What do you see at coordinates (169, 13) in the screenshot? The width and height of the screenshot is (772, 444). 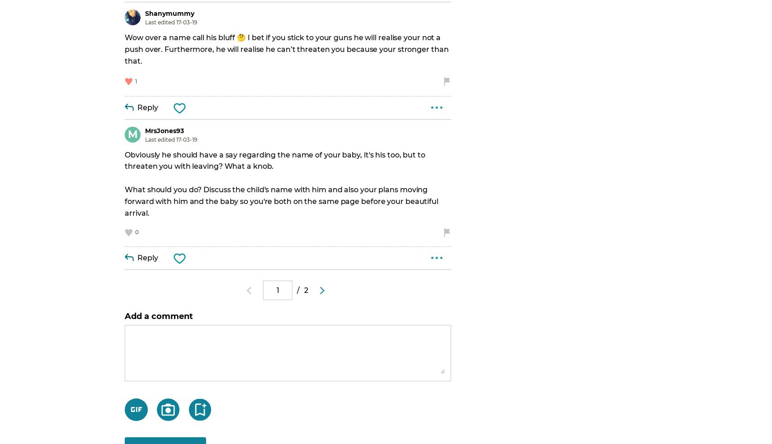 I see `'Shanymummy'` at bounding box center [169, 13].